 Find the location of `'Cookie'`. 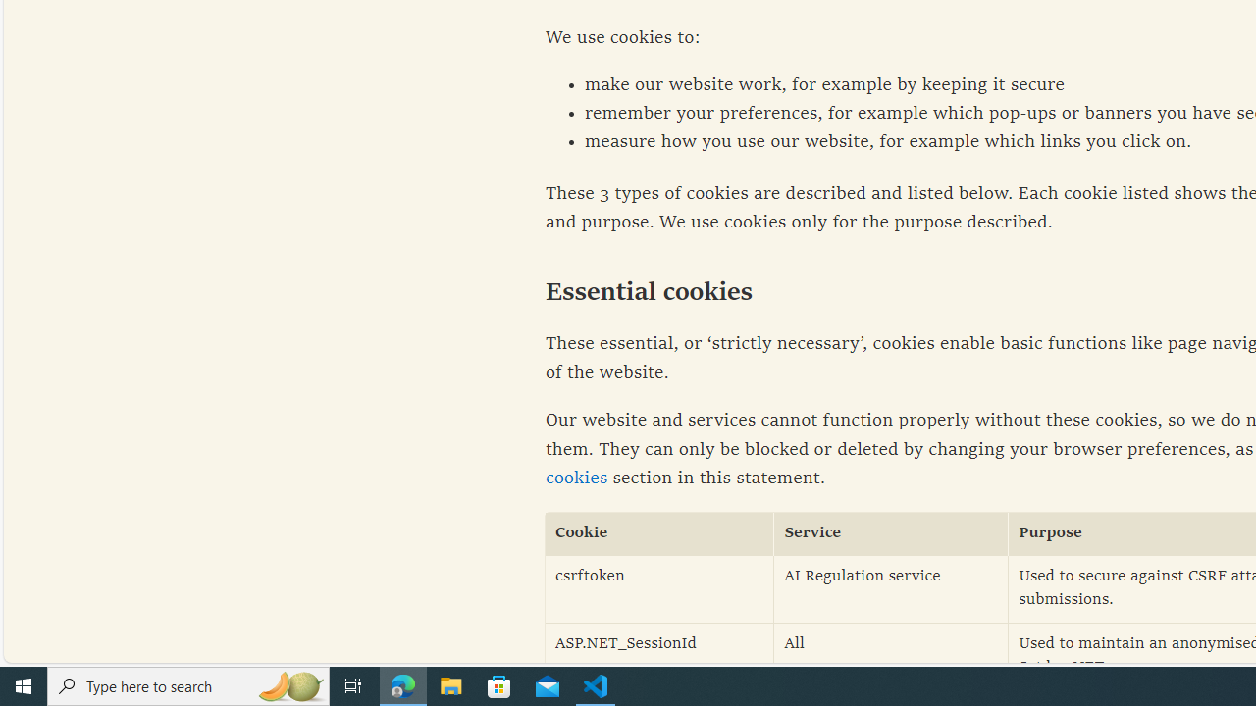

'Cookie' is located at coordinates (659, 533).